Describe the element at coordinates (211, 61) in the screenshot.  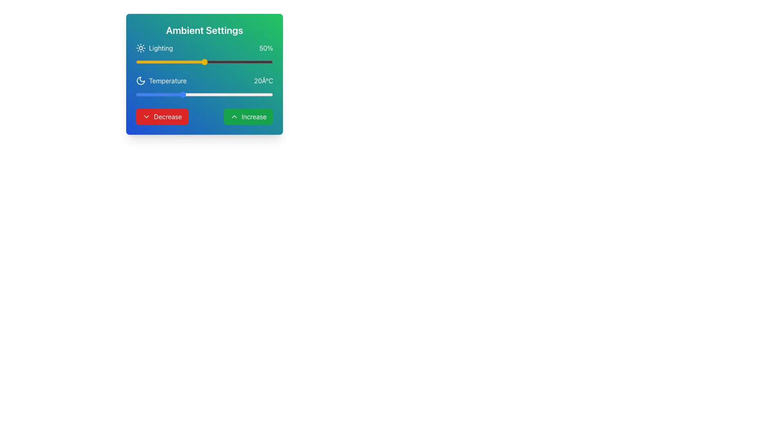
I see `the lighting level` at that location.